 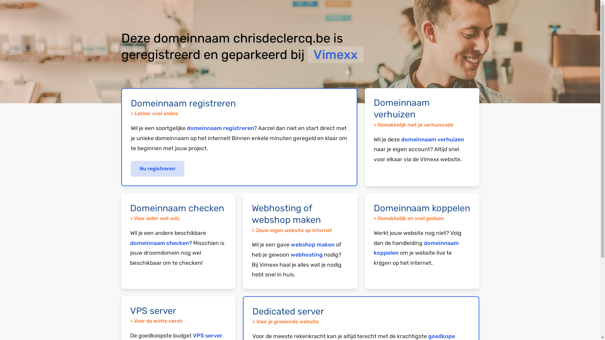 I want to click on 'domeinnaam checken', so click(x=159, y=242).